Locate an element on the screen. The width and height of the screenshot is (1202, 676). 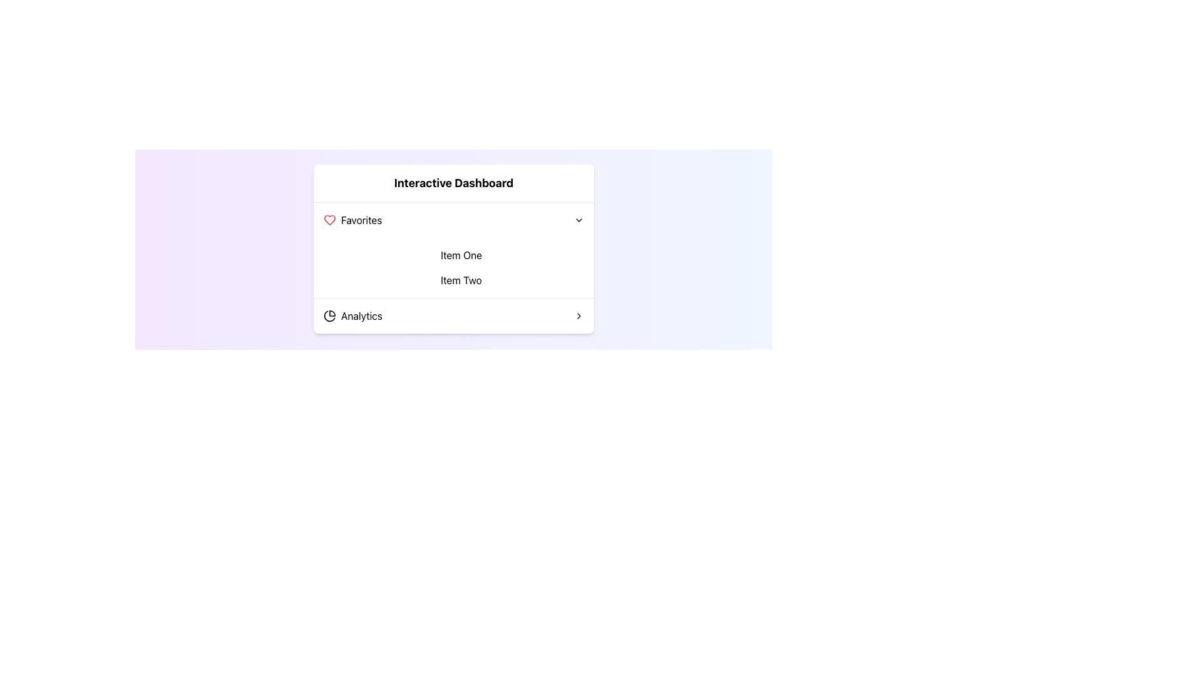
the downward-pointing chevron icon in the Favorites section is located at coordinates (578, 219).